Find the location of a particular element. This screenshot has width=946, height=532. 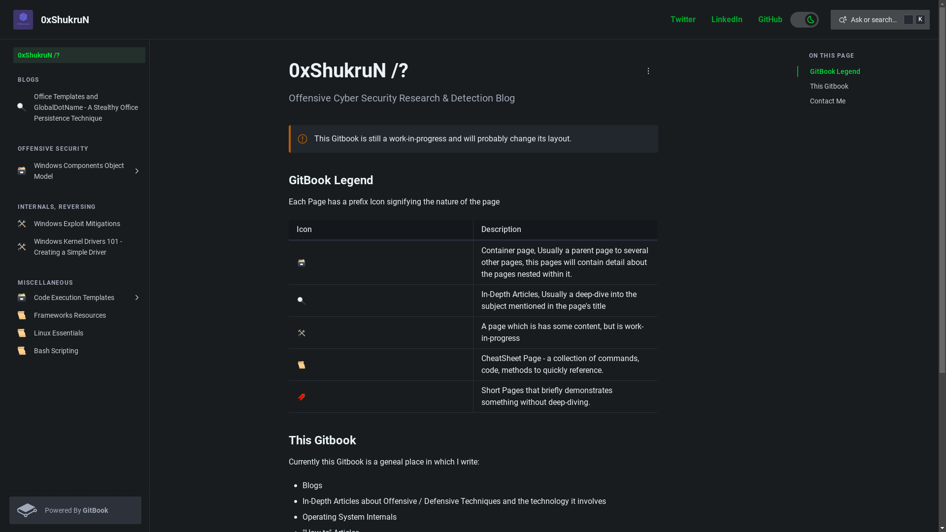

'GitHub' is located at coordinates (769, 19).